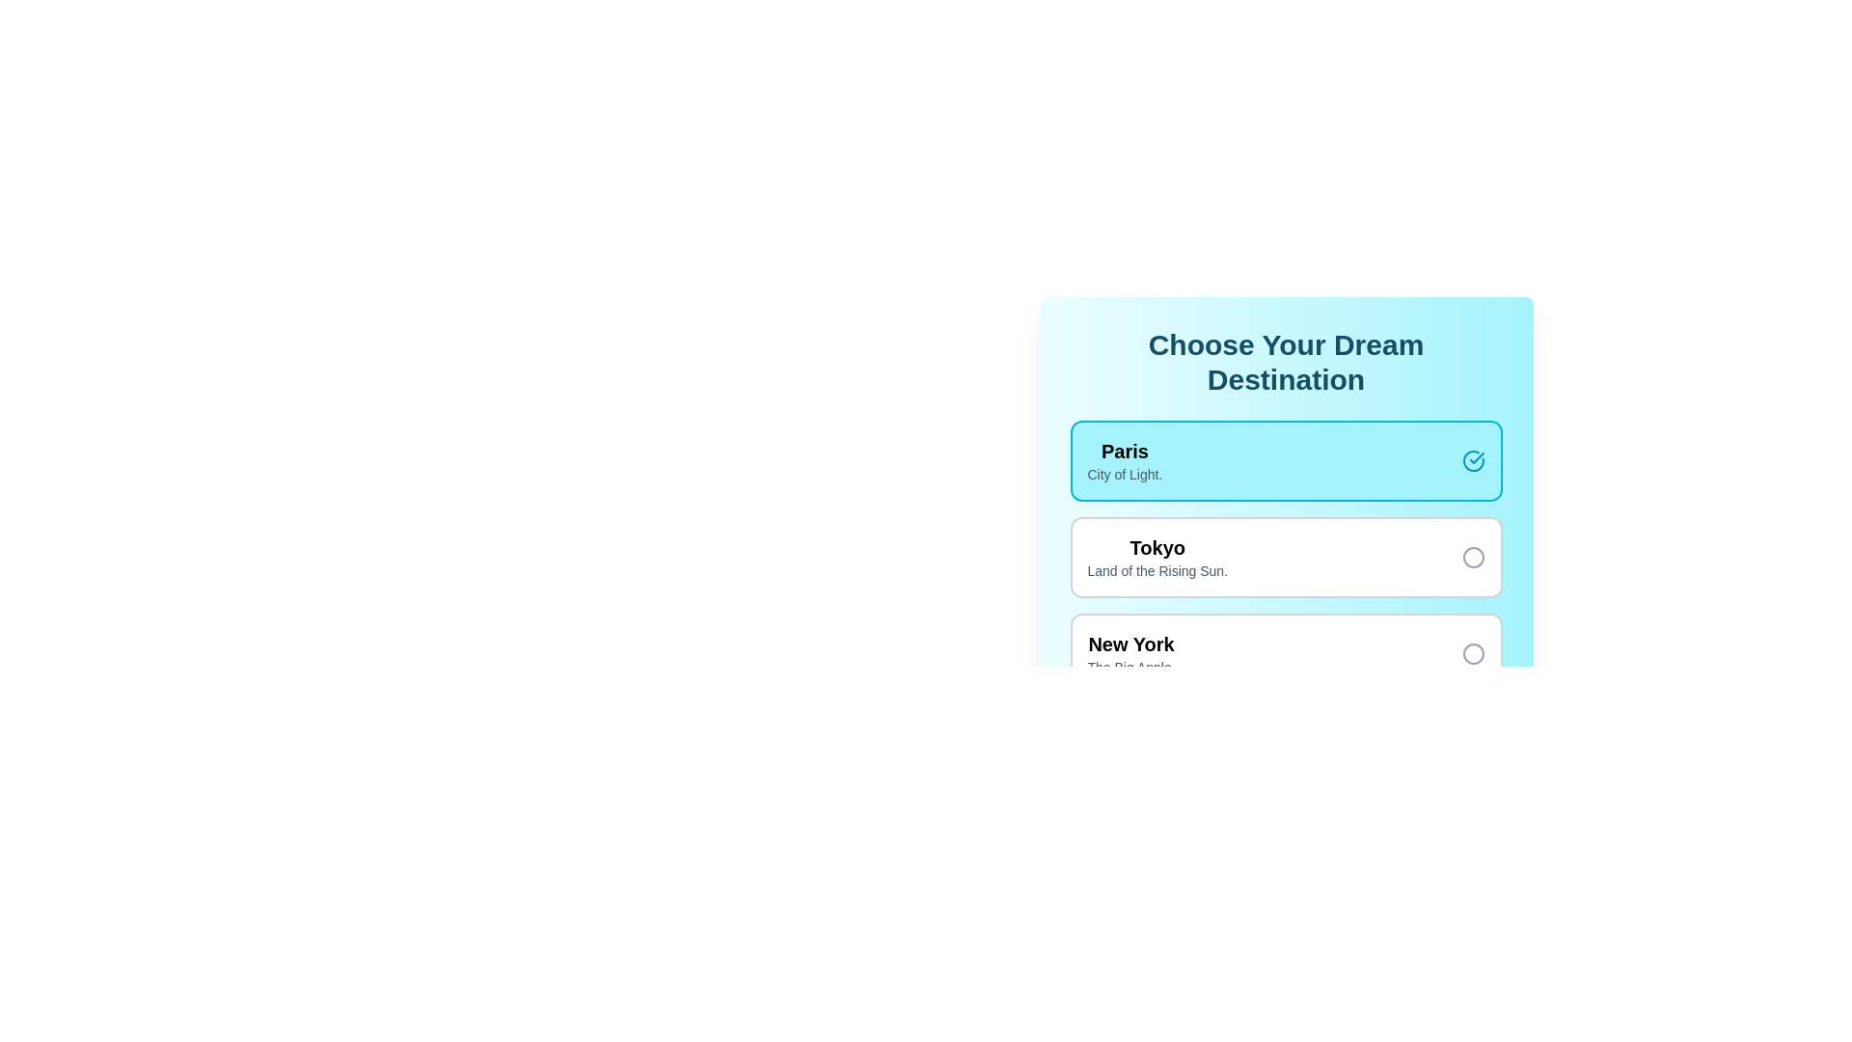 This screenshot has height=1042, width=1852. I want to click on the descriptive text label that reads 'Land of the Rising Sun.' which is styled with a smaller font size and grayish hue, located below the larger 'Tokyo' text in a vertical list, so click(1157, 569).